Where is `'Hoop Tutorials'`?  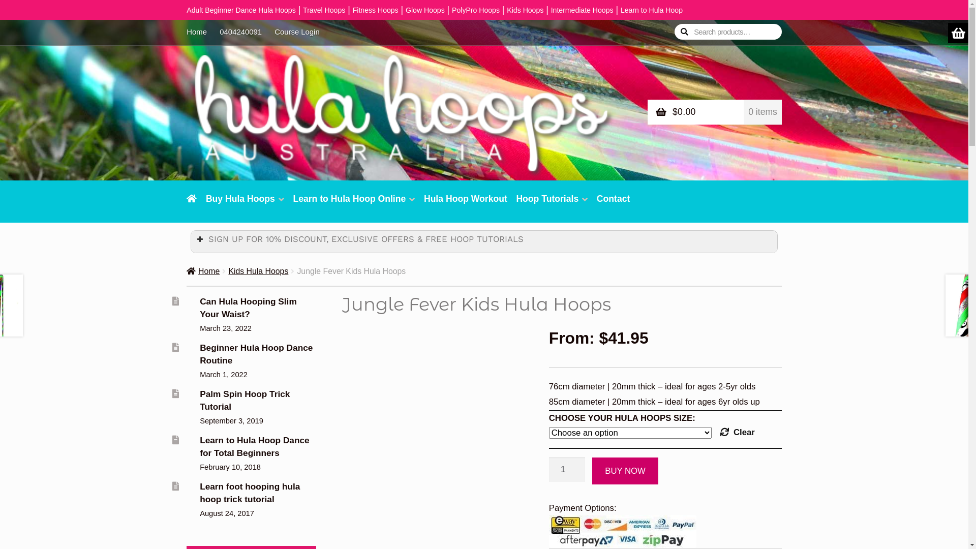
'Hoop Tutorials' is located at coordinates (551, 204).